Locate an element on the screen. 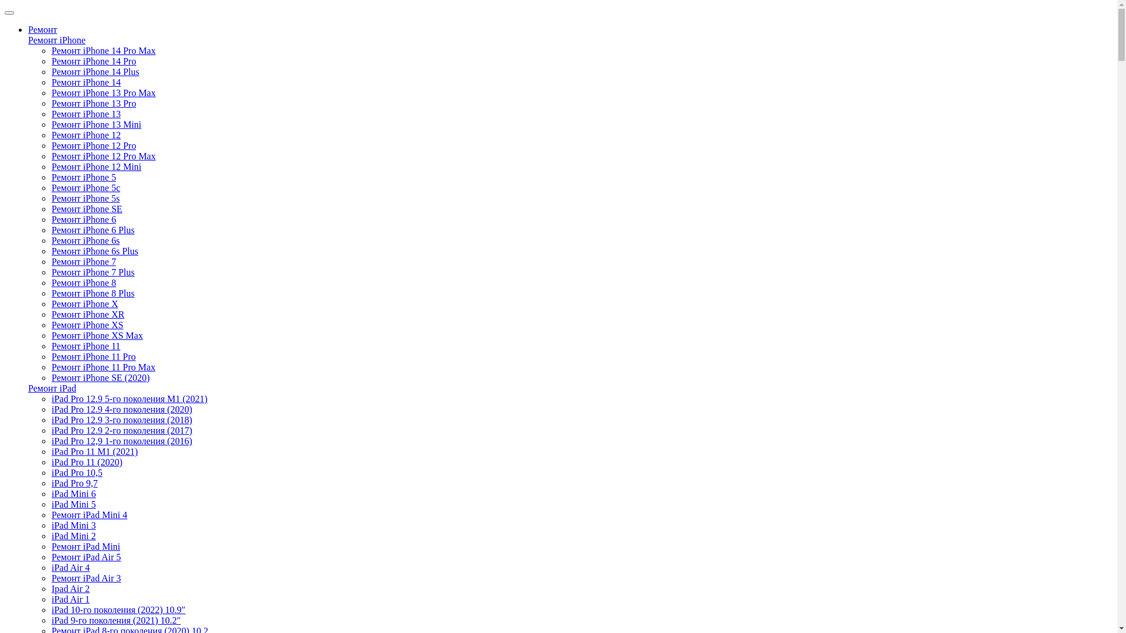 Image resolution: width=1126 pixels, height=633 pixels. 'iPad Mini 6' is located at coordinates (50, 494).